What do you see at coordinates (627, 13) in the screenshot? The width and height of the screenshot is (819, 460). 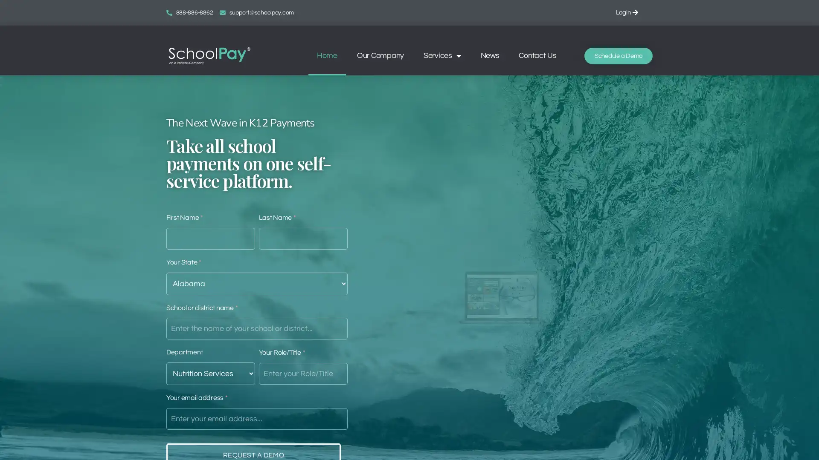 I see `Login` at bounding box center [627, 13].